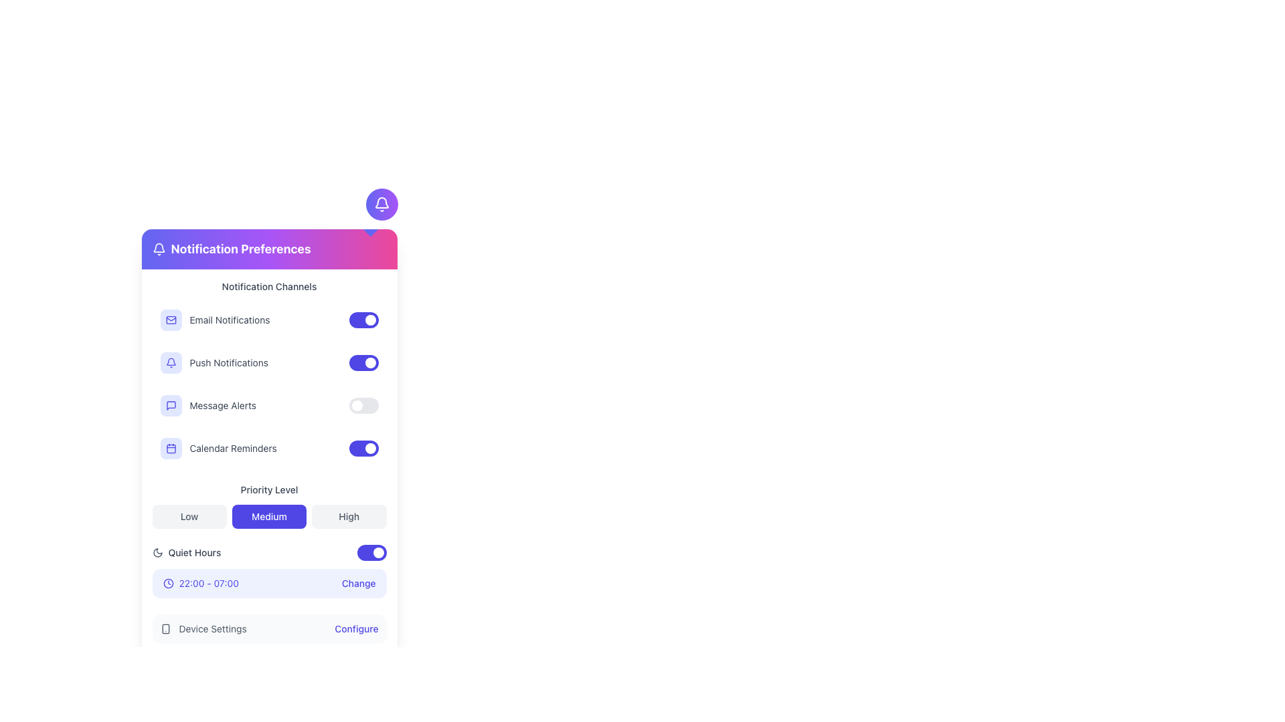 This screenshot has width=1285, height=722. I want to click on the small circular toggle indicator within the toggle area of the 'Push Notifications' row, which is located on the right side of the toggle switch component, so click(370, 363).